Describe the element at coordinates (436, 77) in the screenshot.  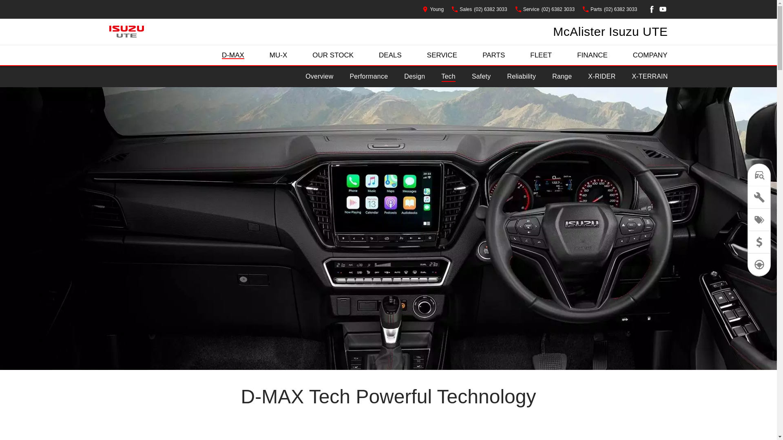
I see `'Tech'` at that location.